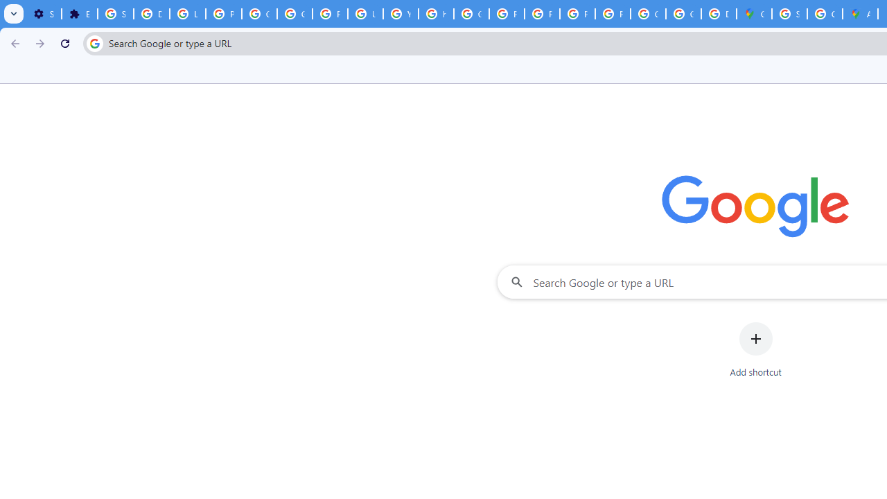 The height and width of the screenshot is (499, 887). What do you see at coordinates (78, 14) in the screenshot?
I see `'Extensions'` at bounding box center [78, 14].